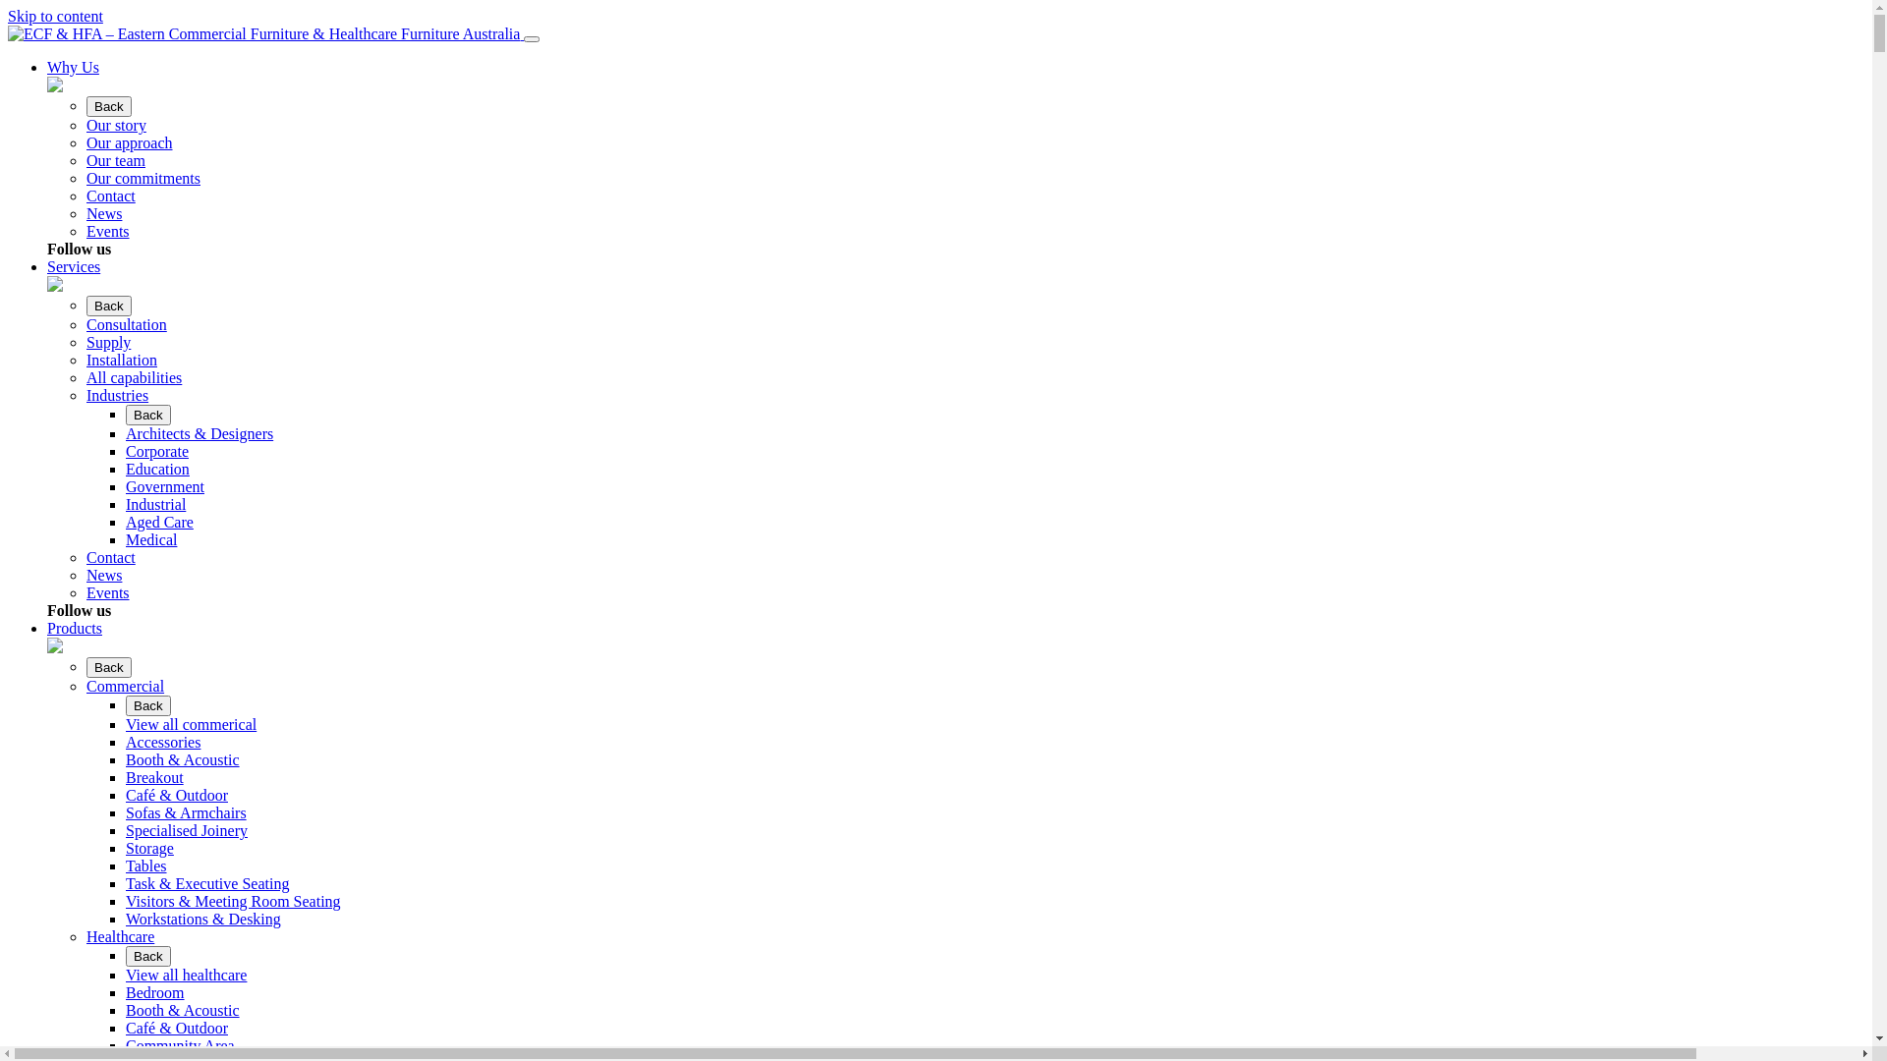  Describe the element at coordinates (159, 521) in the screenshot. I see `'Aged Care'` at that location.